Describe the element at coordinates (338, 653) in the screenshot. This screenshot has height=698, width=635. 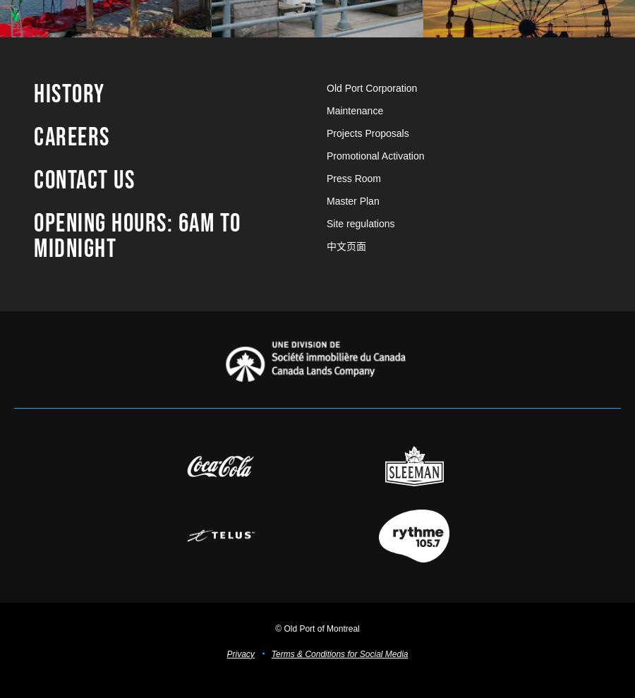
I see `'Terms & Conditions for Social Media'` at that location.